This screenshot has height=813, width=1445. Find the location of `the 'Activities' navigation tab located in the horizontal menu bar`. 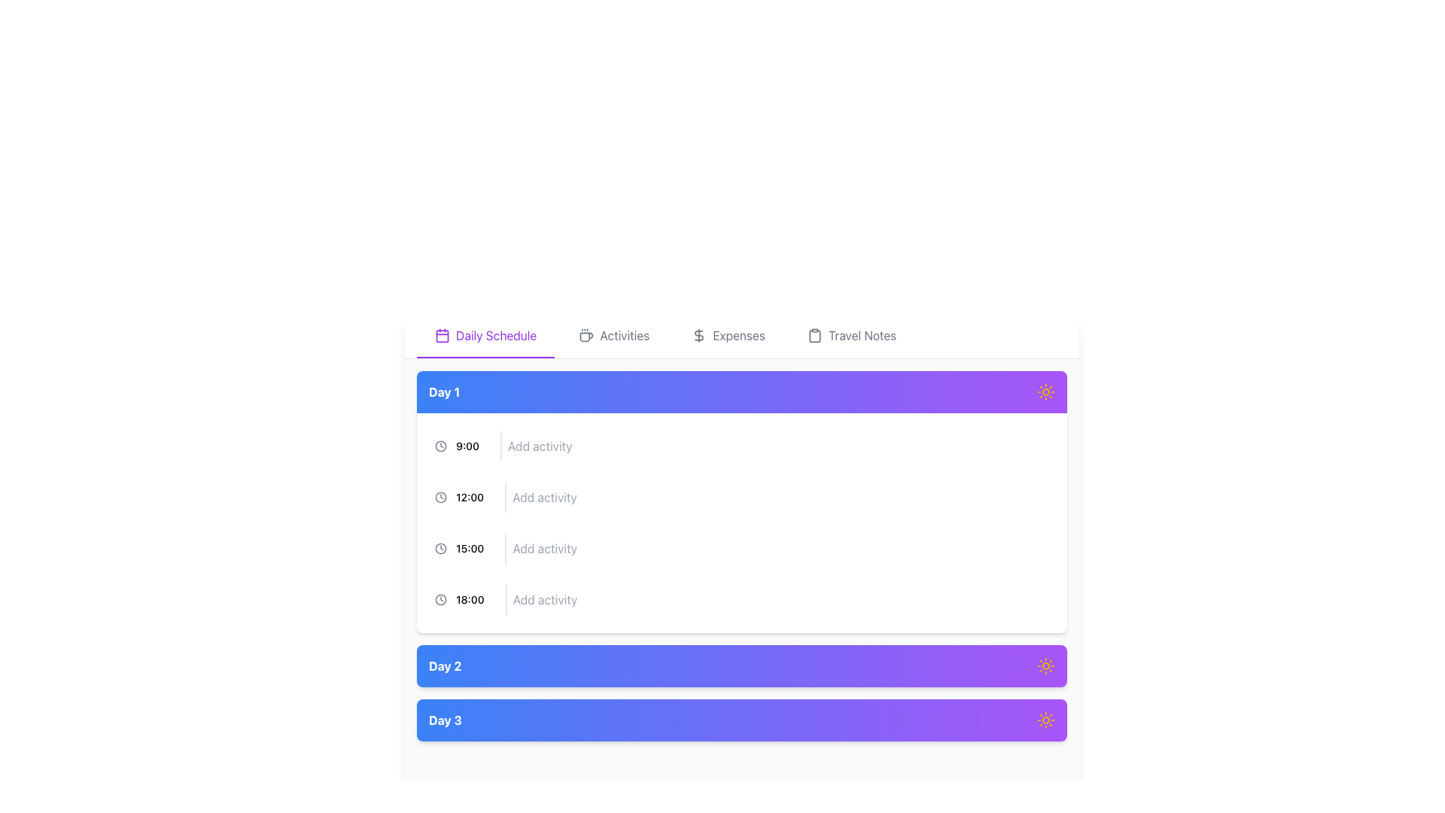

the 'Activities' navigation tab located in the horizontal menu bar is located at coordinates (614, 336).